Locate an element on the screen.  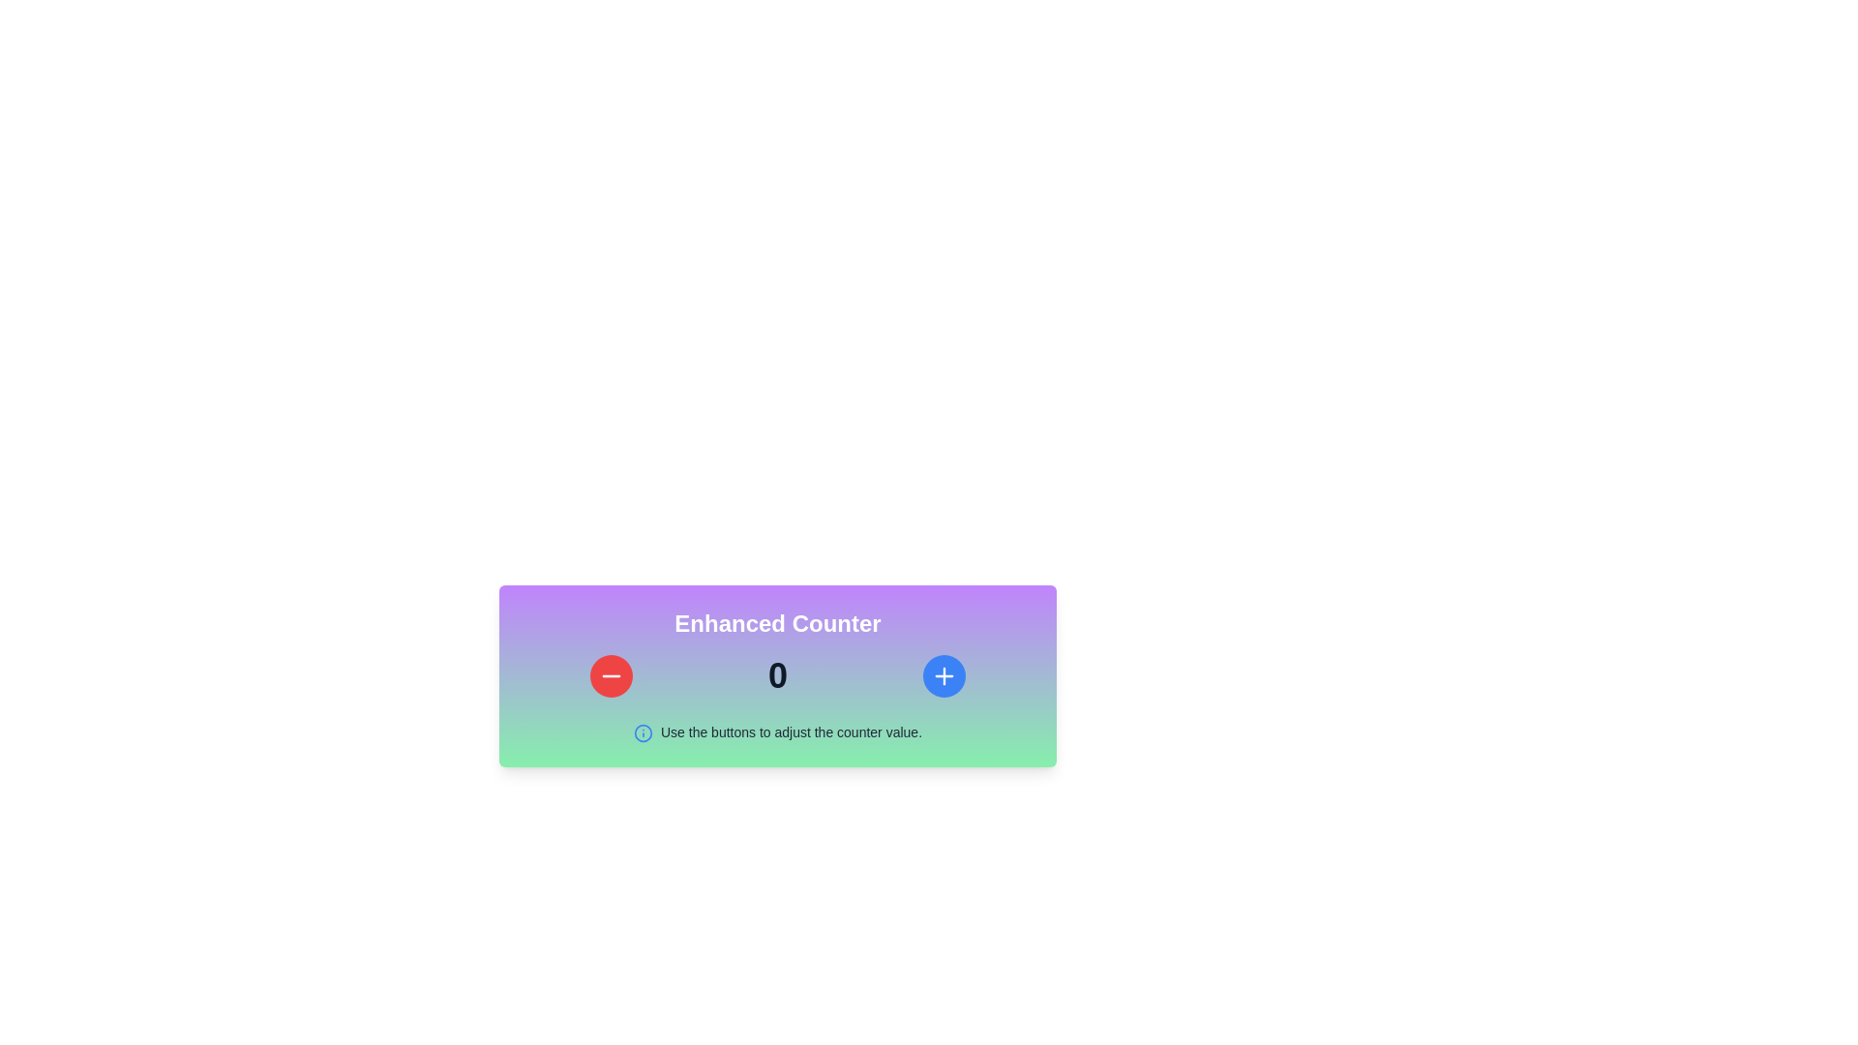
the large, bold numeral '0' text display, which is styled in black on a white background and indicates numerical data is located at coordinates (777, 674).